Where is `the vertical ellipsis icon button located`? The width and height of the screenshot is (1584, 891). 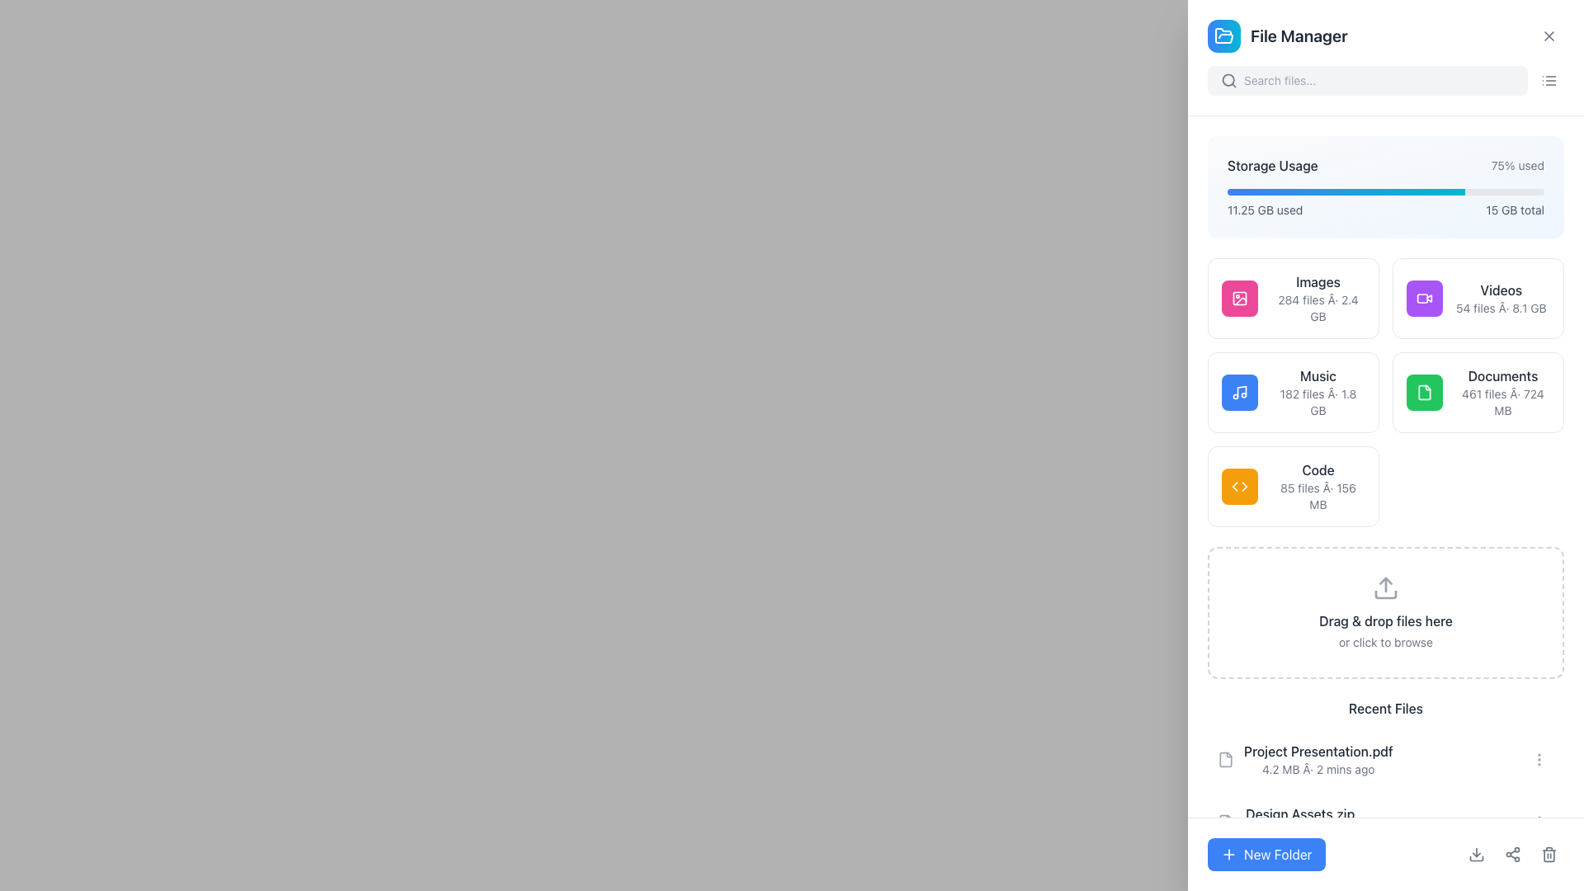 the vertical ellipsis icon button located is located at coordinates (1539, 760).